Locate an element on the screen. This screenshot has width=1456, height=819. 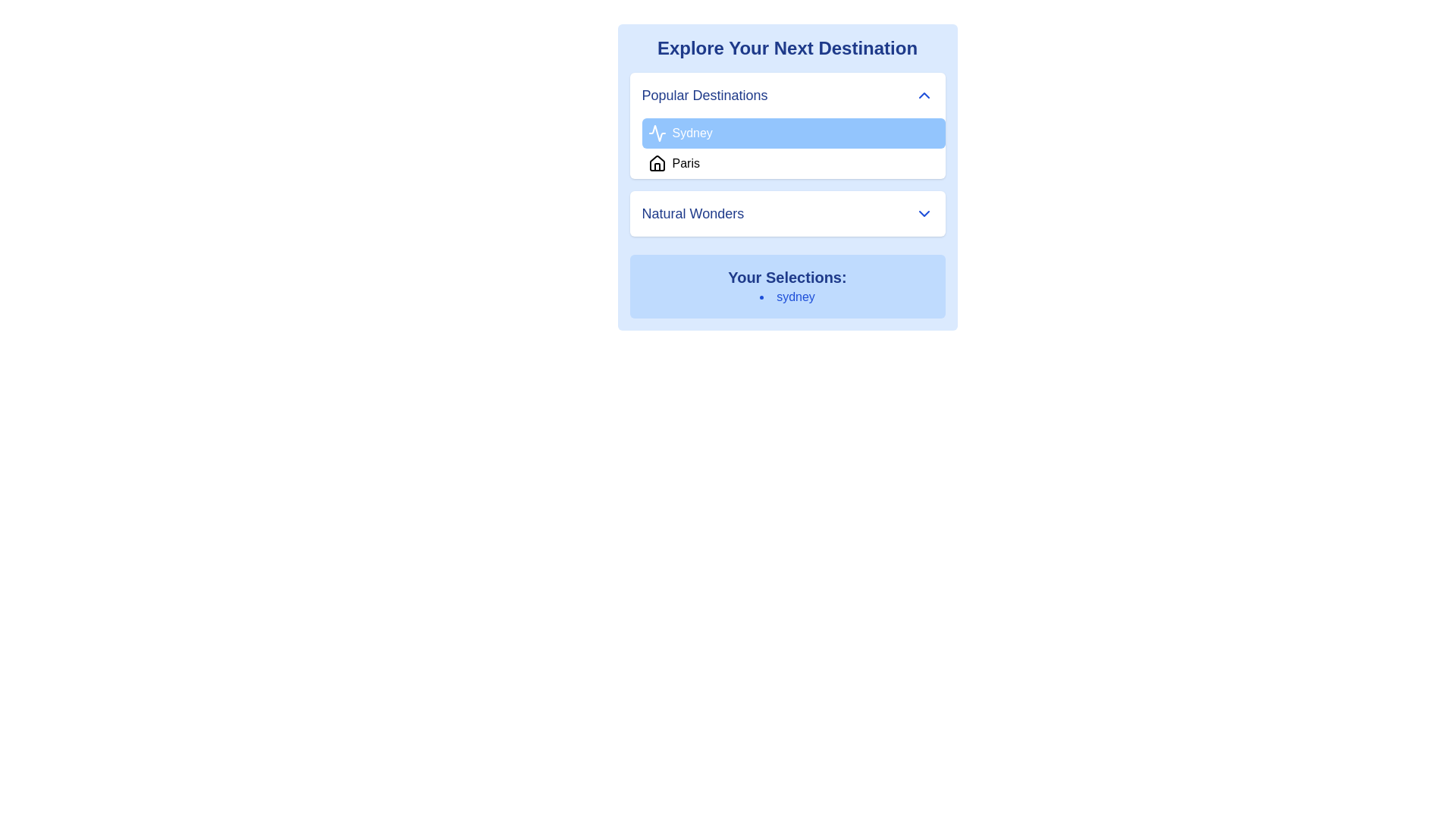
the icon located to the right of the text 'Natural Wonders' is located at coordinates (923, 213).